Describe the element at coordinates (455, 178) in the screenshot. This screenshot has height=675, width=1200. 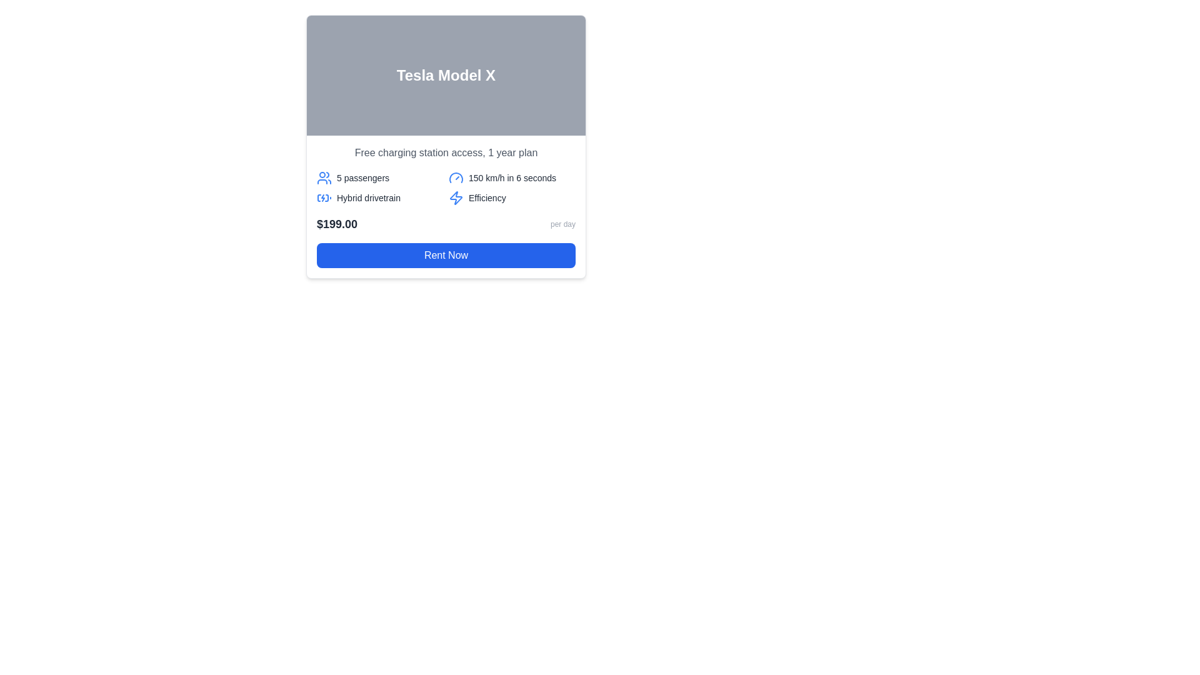
I see `the blue graphical icon representing a gauge or speedometer located near the text '150 km/h in 6 seconds'` at that location.